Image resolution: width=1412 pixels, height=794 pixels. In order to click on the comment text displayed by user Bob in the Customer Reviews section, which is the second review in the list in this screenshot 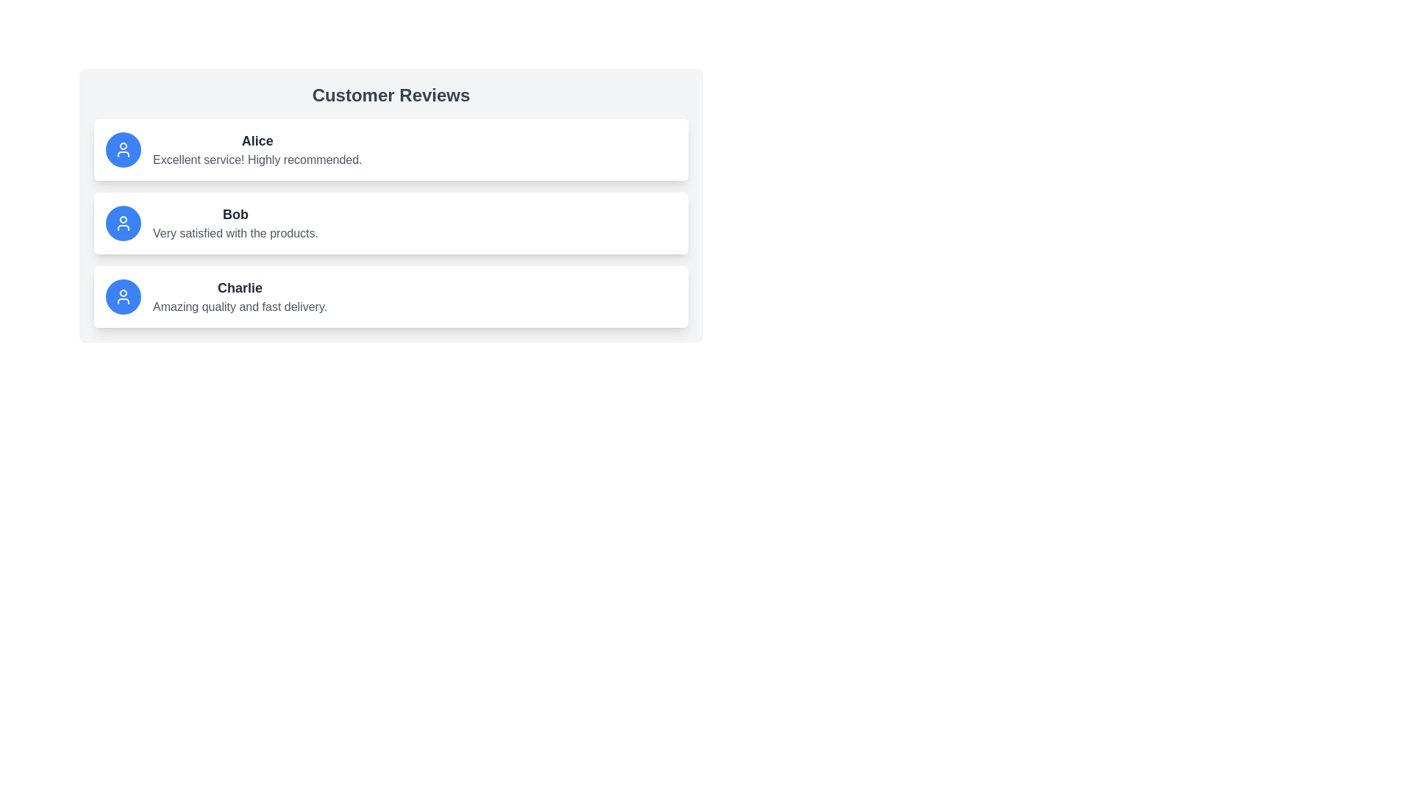, I will do `click(235, 232)`.